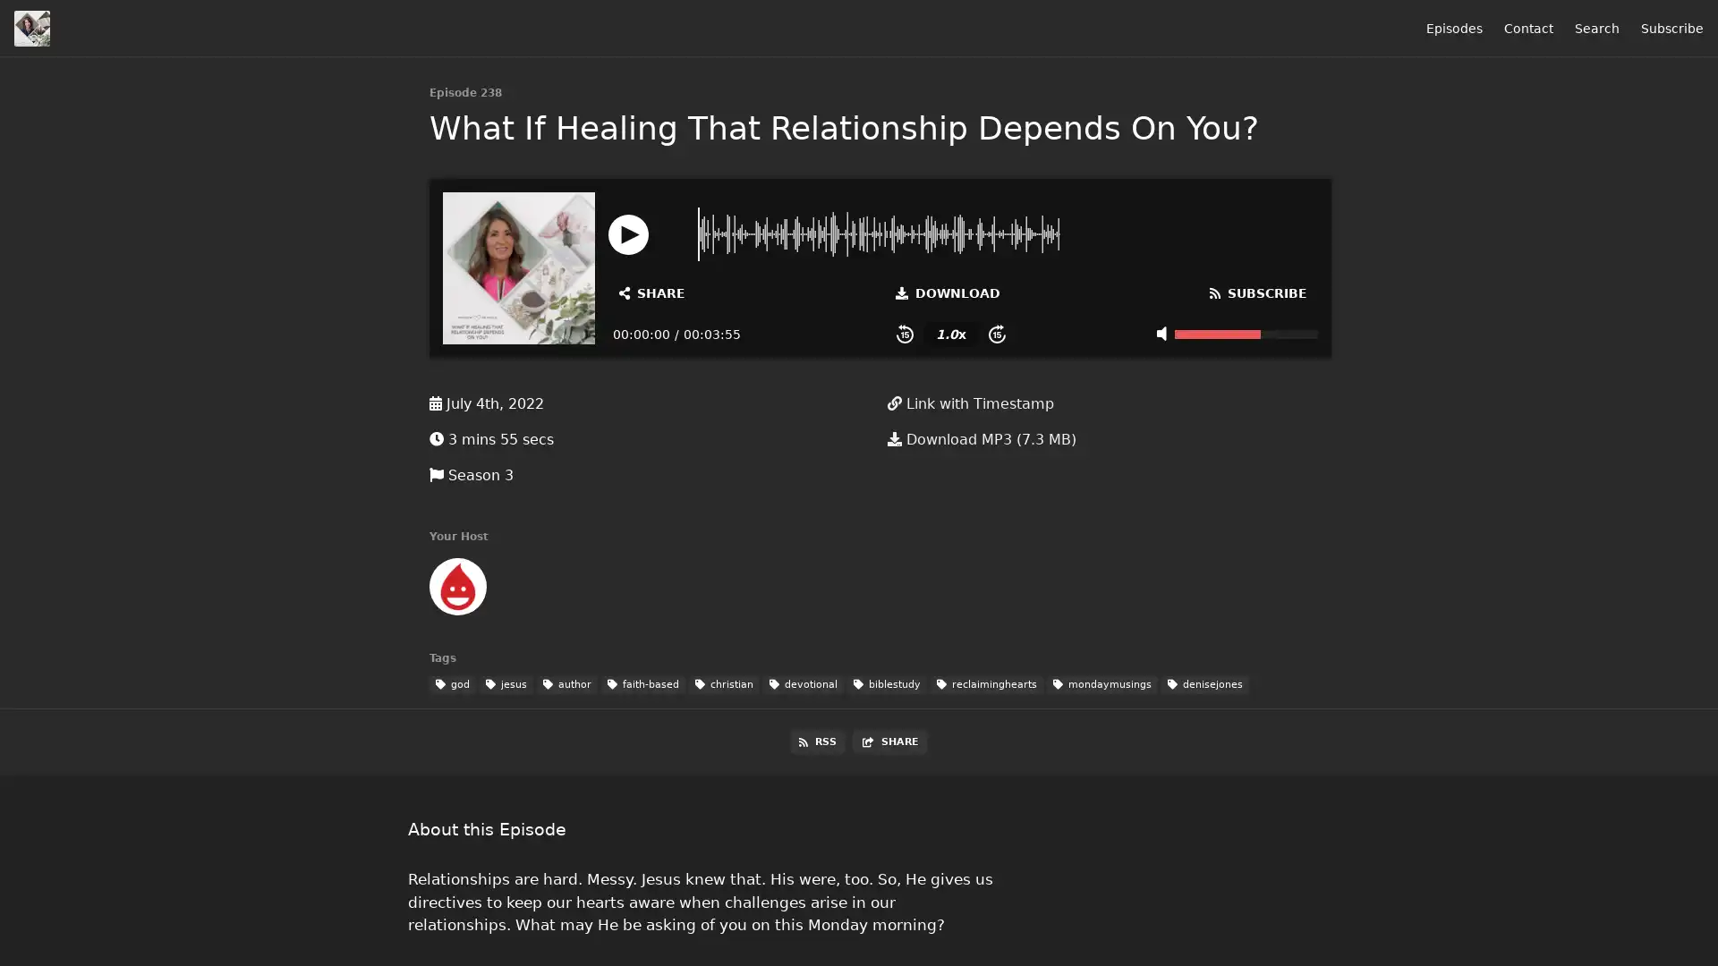 This screenshot has width=1718, height=966. What do you see at coordinates (996, 334) in the screenshot?
I see `Skip Forward 15 Seconds` at bounding box center [996, 334].